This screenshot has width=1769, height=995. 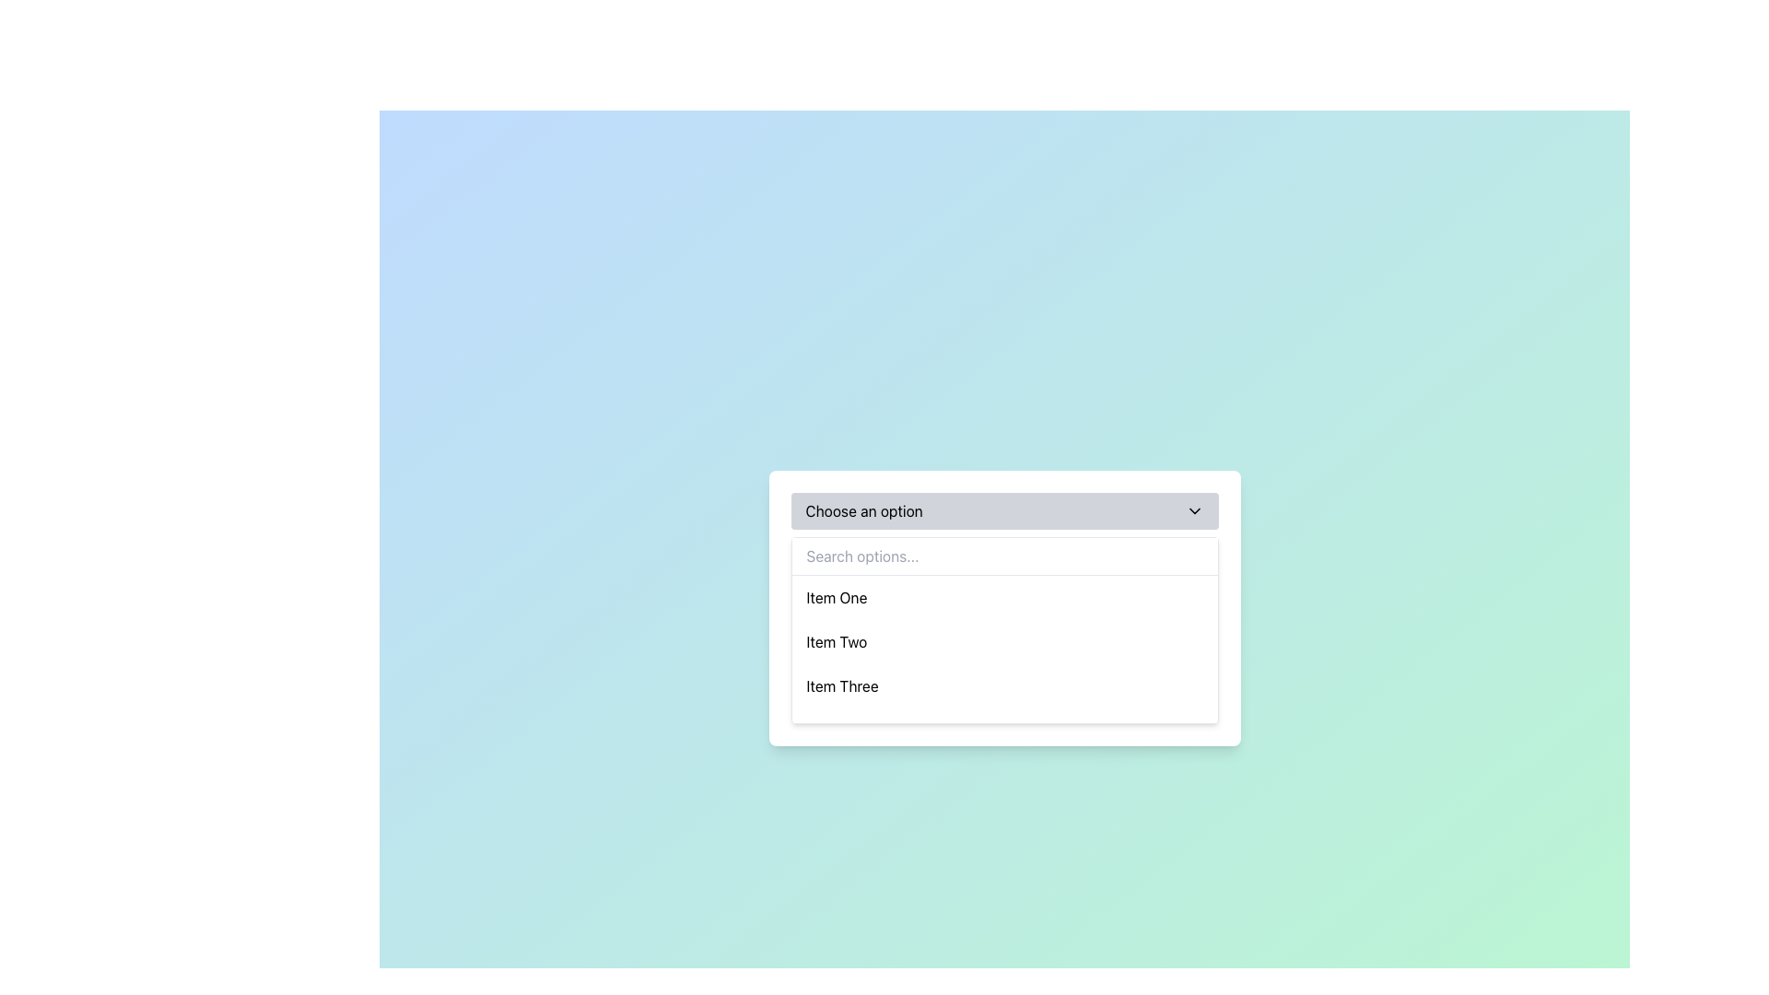 I want to click on the dropdown list item labeled 'Item Three' which is the third item in the dropdown menu located under 'Choose an option.', so click(x=1003, y=685).